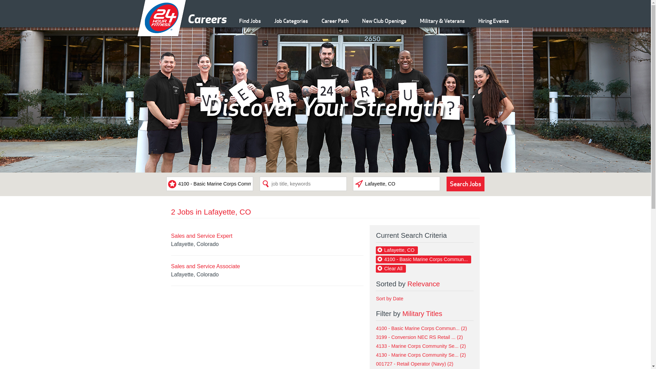  What do you see at coordinates (249, 19) in the screenshot?
I see `'Find Jobs'` at bounding box center [249, 19].